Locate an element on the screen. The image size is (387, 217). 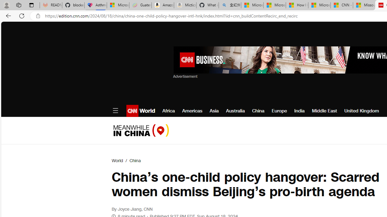
'Middle East' is located at coordinates (324, 111).